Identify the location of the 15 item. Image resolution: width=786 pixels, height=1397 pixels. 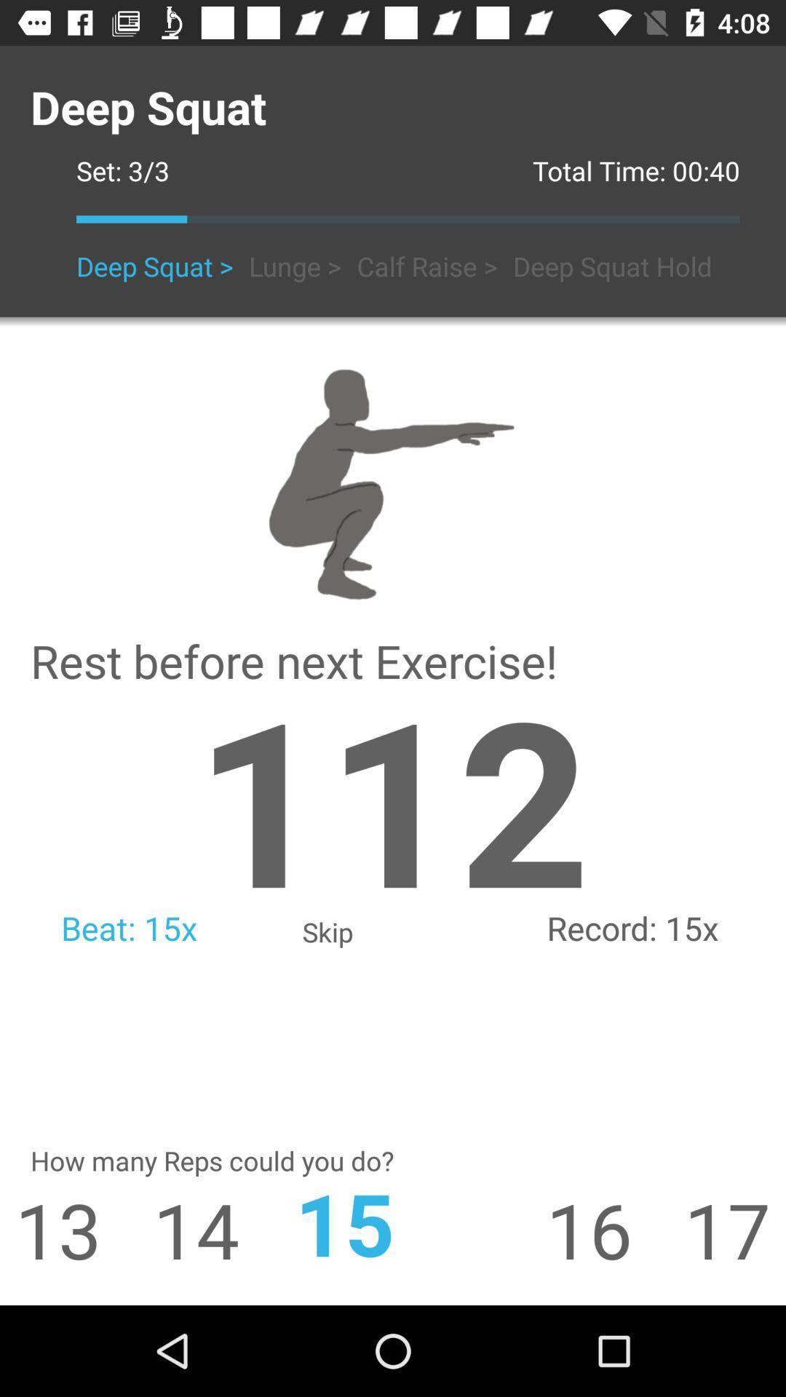
(393, 1222).